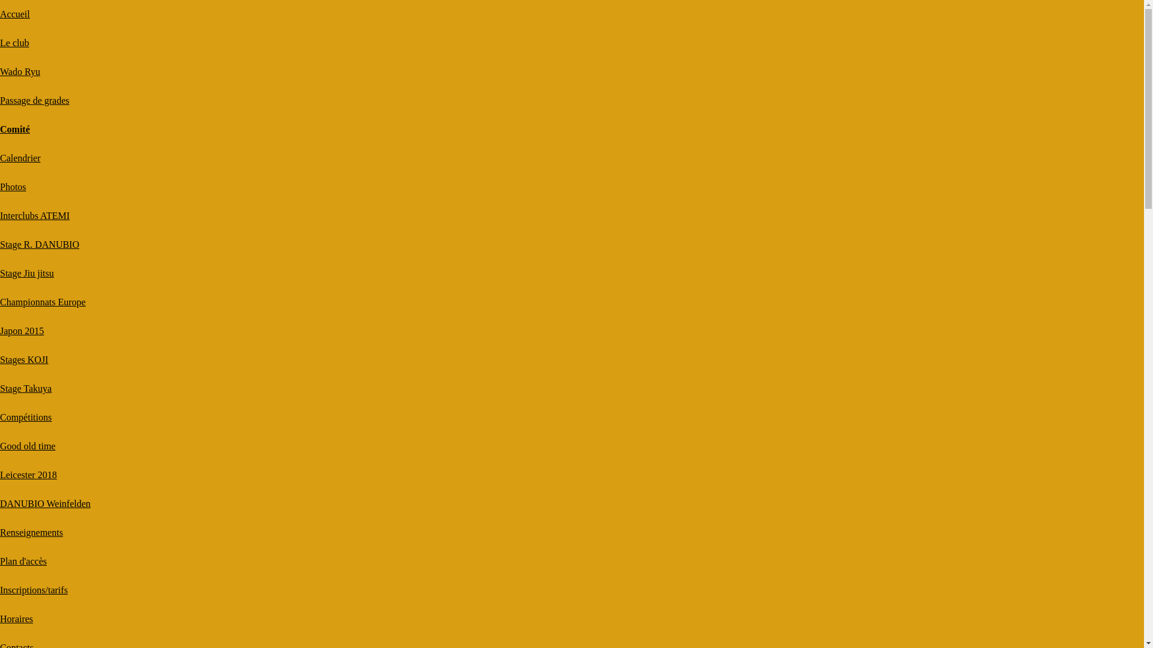  What do you see at coordinates (16, 619) in the screenshot?
I see `'Horaires'` at bounding box center [16, 619].